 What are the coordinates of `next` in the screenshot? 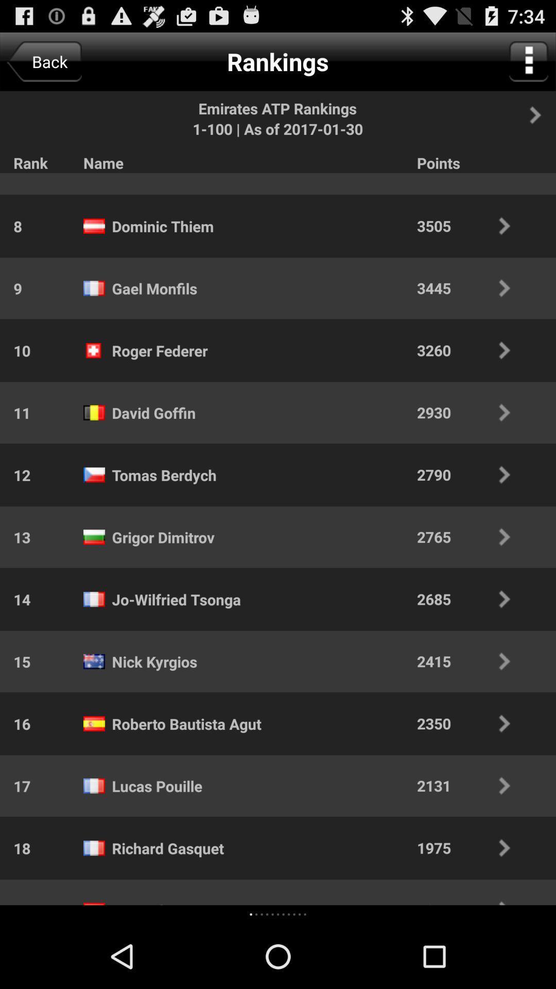 It's located at (541, 115).